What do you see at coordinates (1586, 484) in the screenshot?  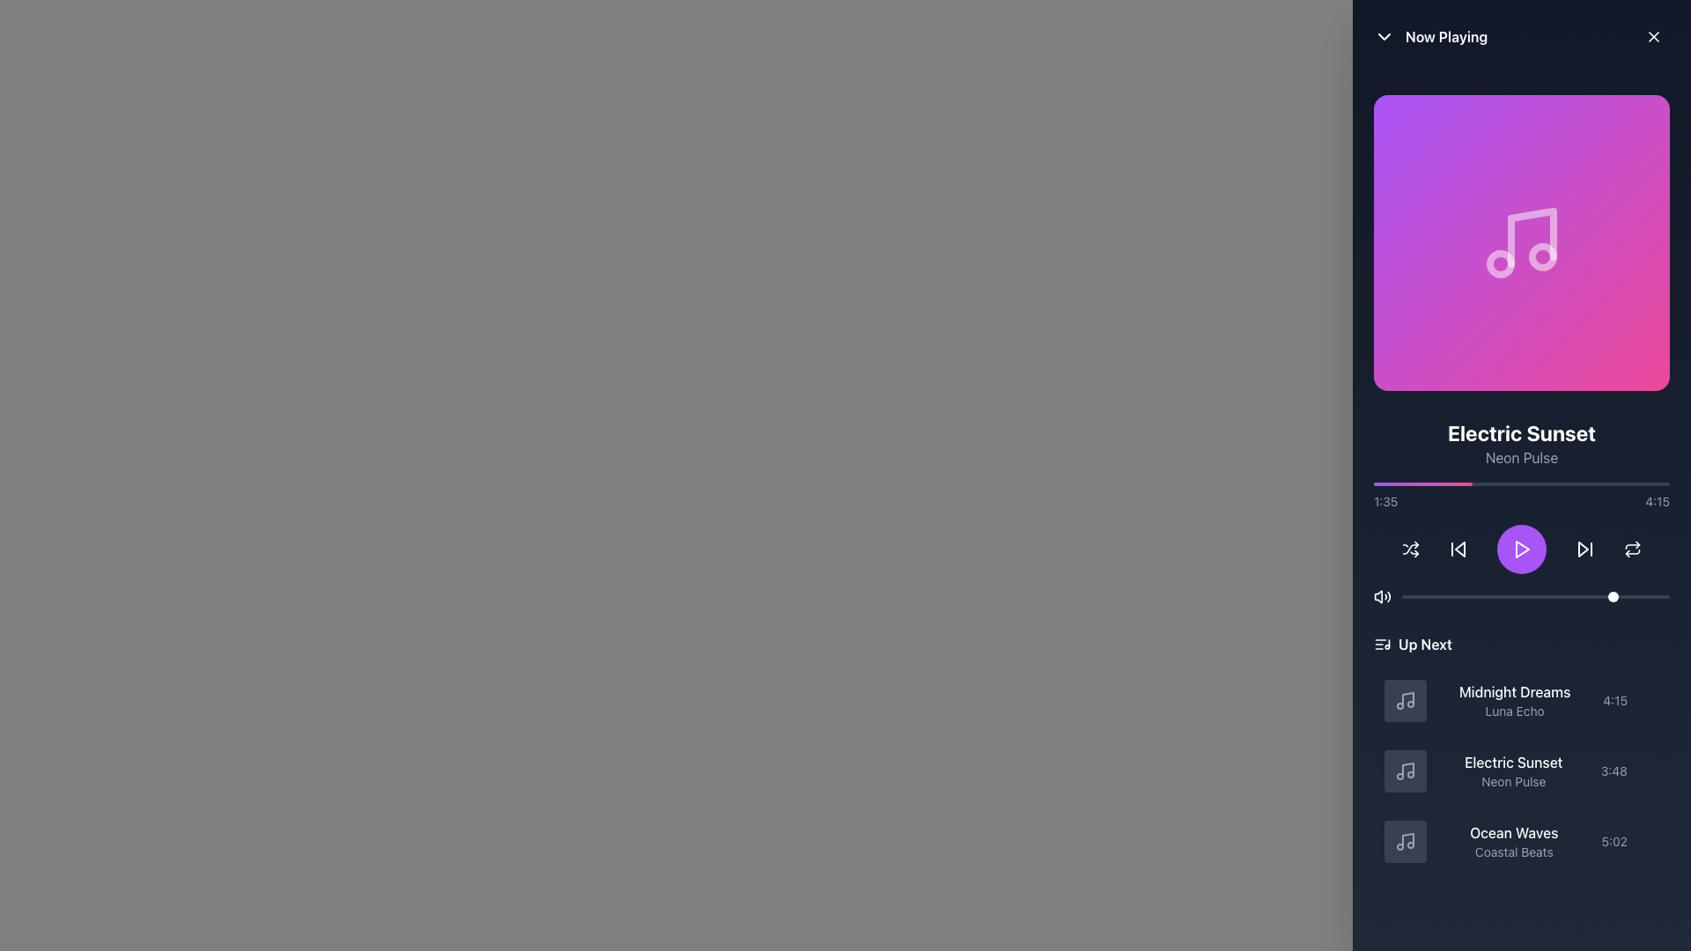 I see `playback position` at bounding box center [1586, 484].